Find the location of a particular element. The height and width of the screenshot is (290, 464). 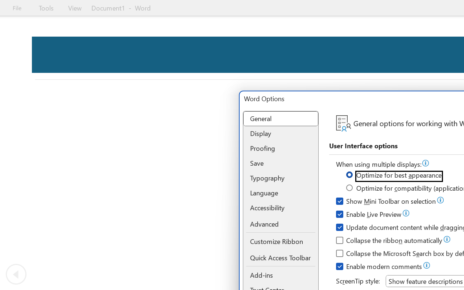

'Display' is located at coordinates (280, 133).